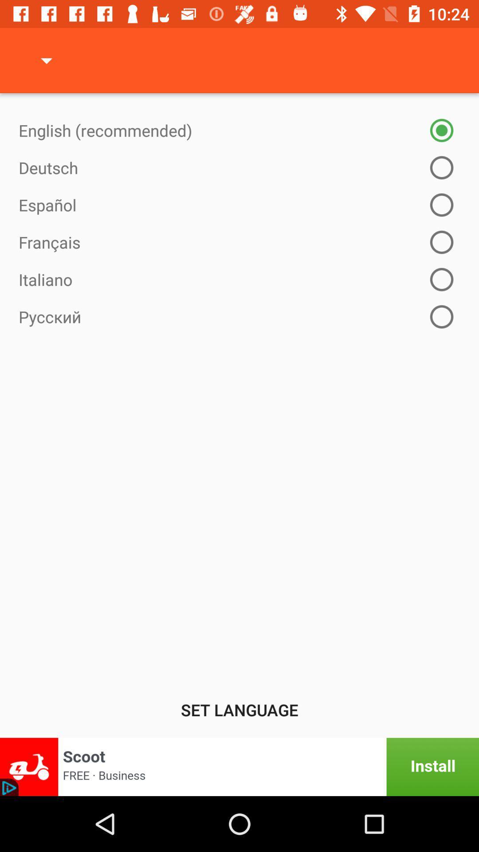 The width and height of the screenshot is (479, 852). Describe the element at coordinates (46, 60) in the screenshot. I see `the icon at the top left corner` at that location.